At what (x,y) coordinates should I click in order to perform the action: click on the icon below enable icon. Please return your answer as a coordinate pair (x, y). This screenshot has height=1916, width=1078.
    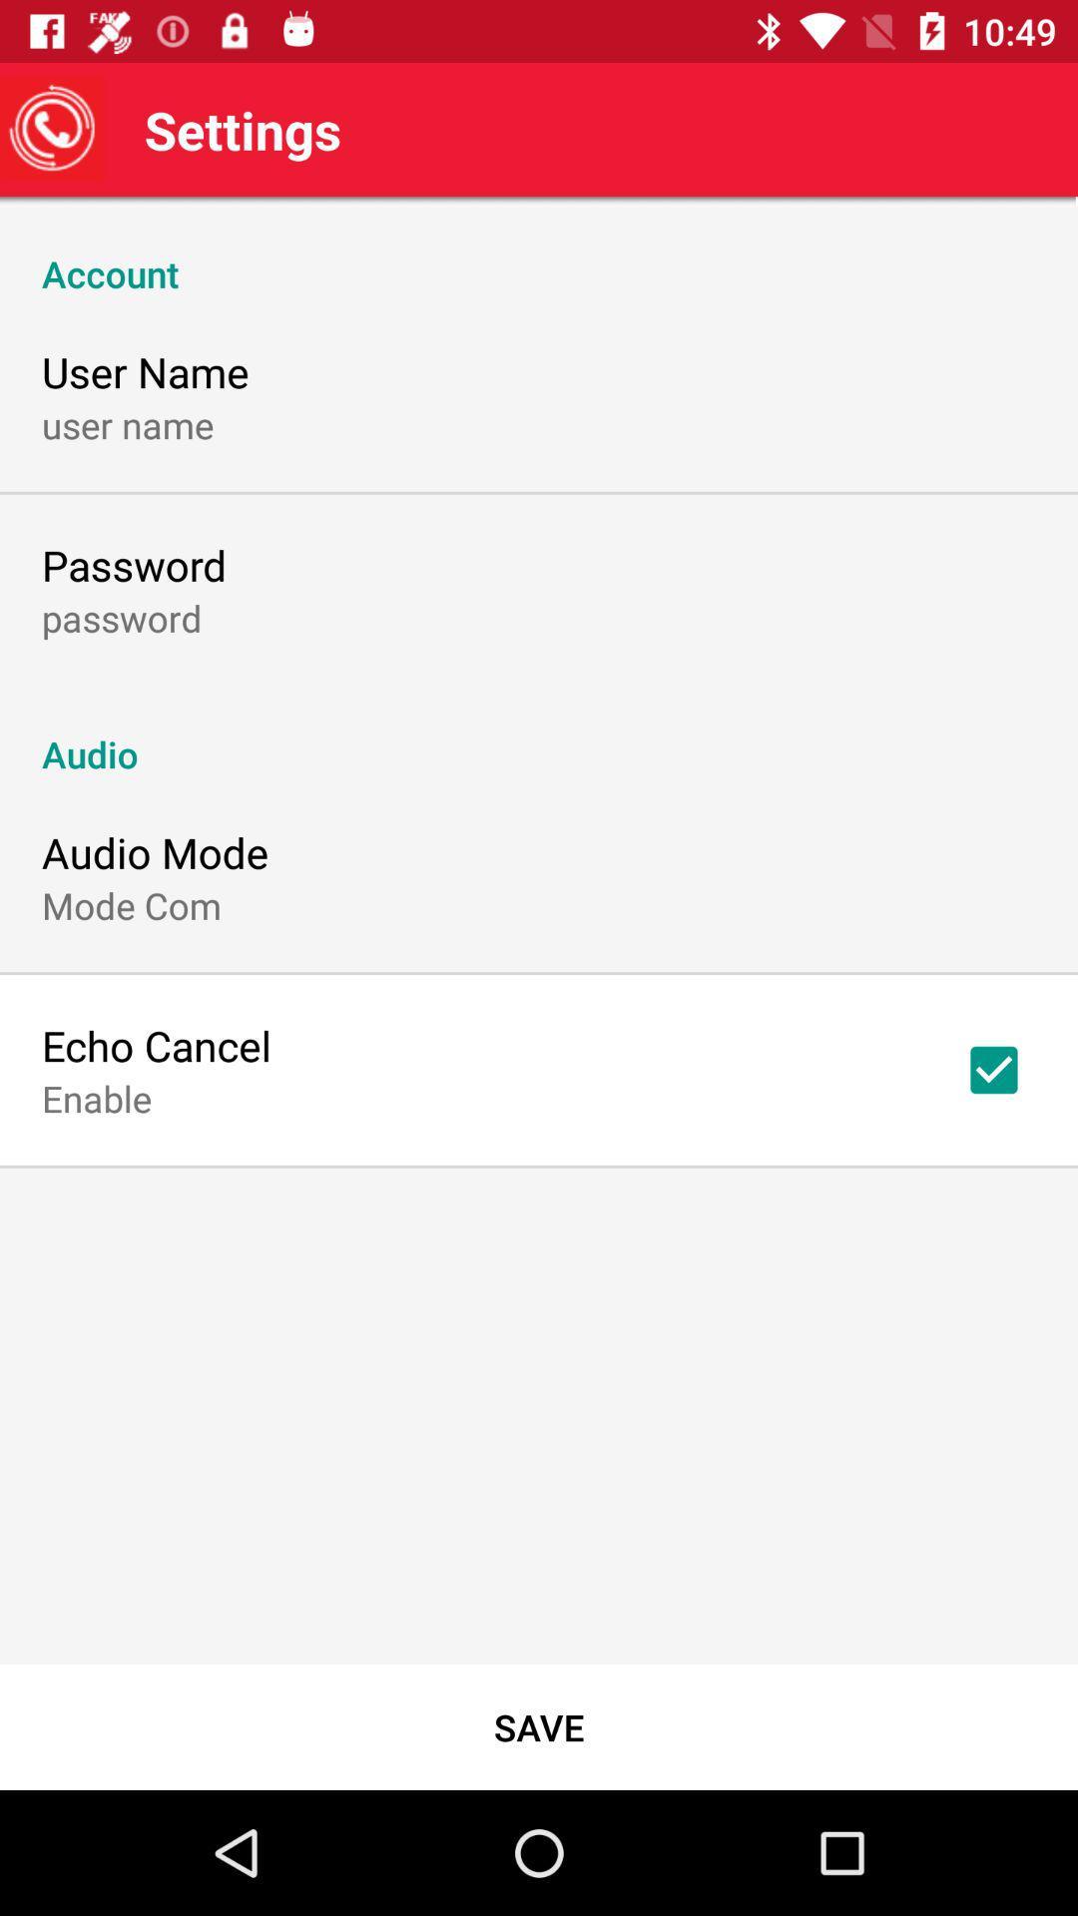
    Looking at the image, I should click on (539, 1726).